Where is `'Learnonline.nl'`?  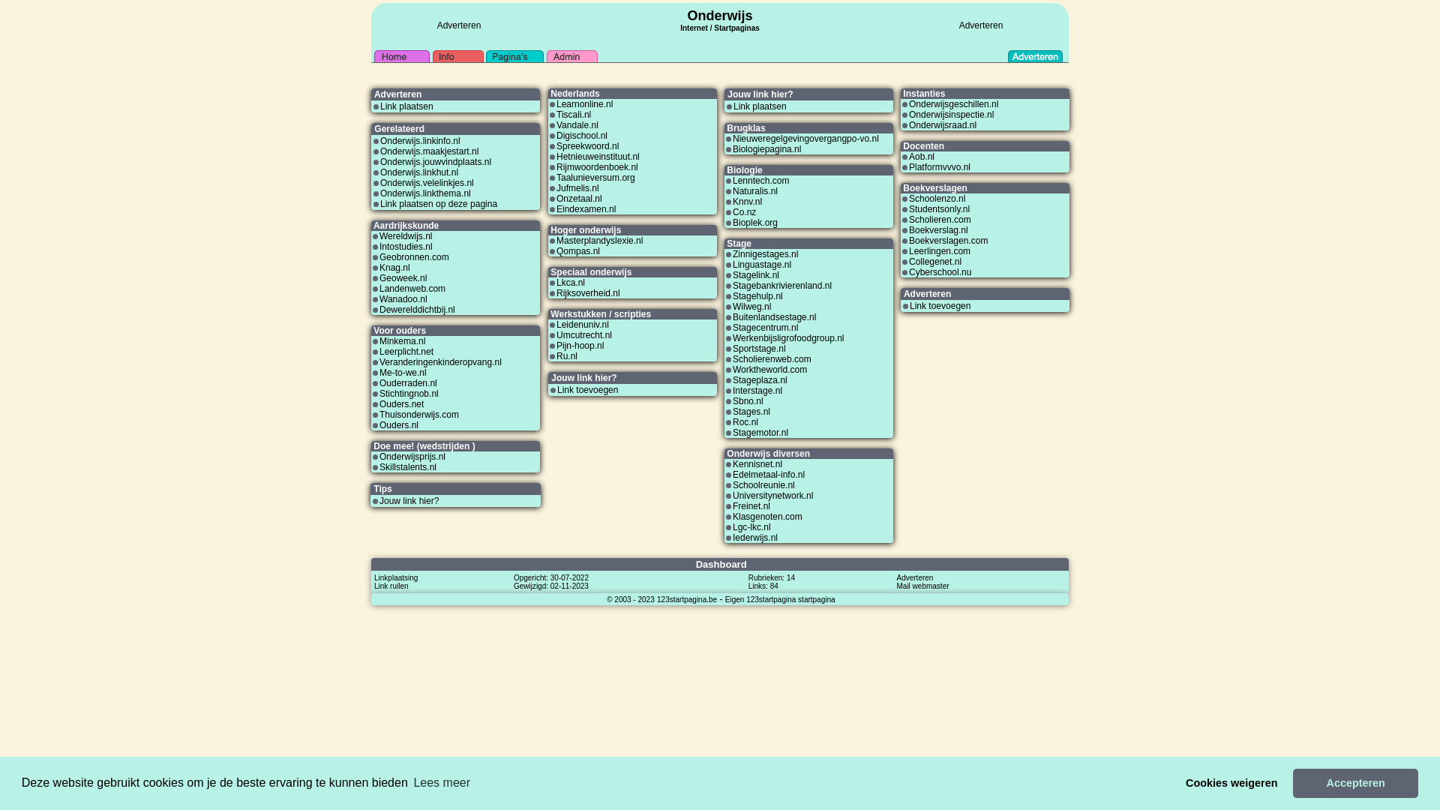 'Learnonline.nl' is located at coordinates (583, 103).